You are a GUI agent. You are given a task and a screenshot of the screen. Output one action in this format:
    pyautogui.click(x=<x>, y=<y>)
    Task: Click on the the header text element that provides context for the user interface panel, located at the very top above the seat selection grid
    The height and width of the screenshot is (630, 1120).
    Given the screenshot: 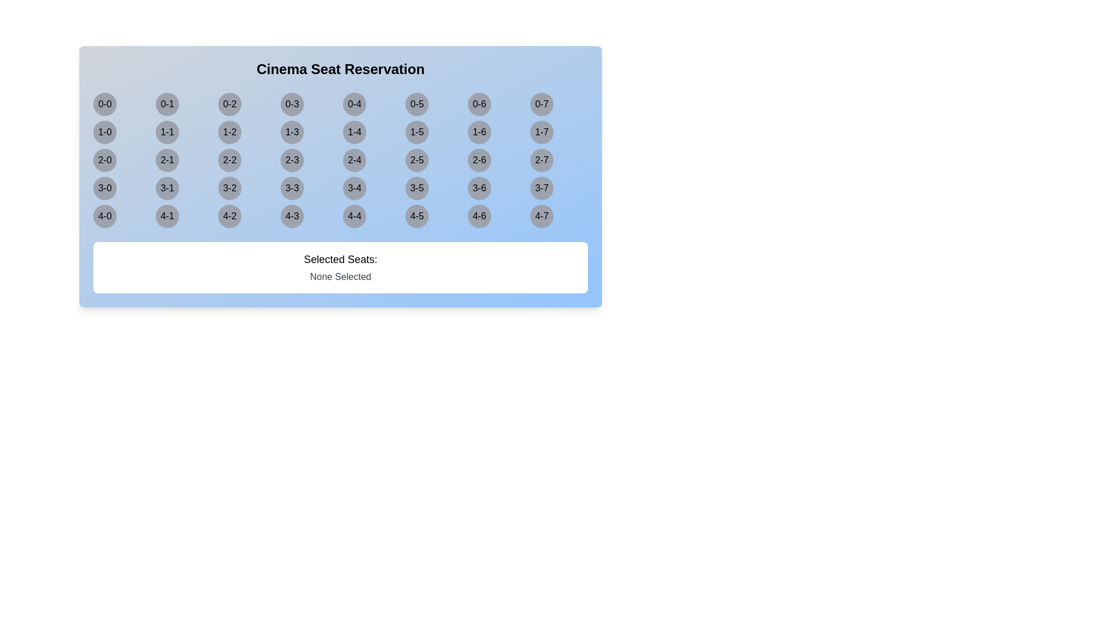 What is the action you would take?
    pyautogui.click(x=340, y=69)
    